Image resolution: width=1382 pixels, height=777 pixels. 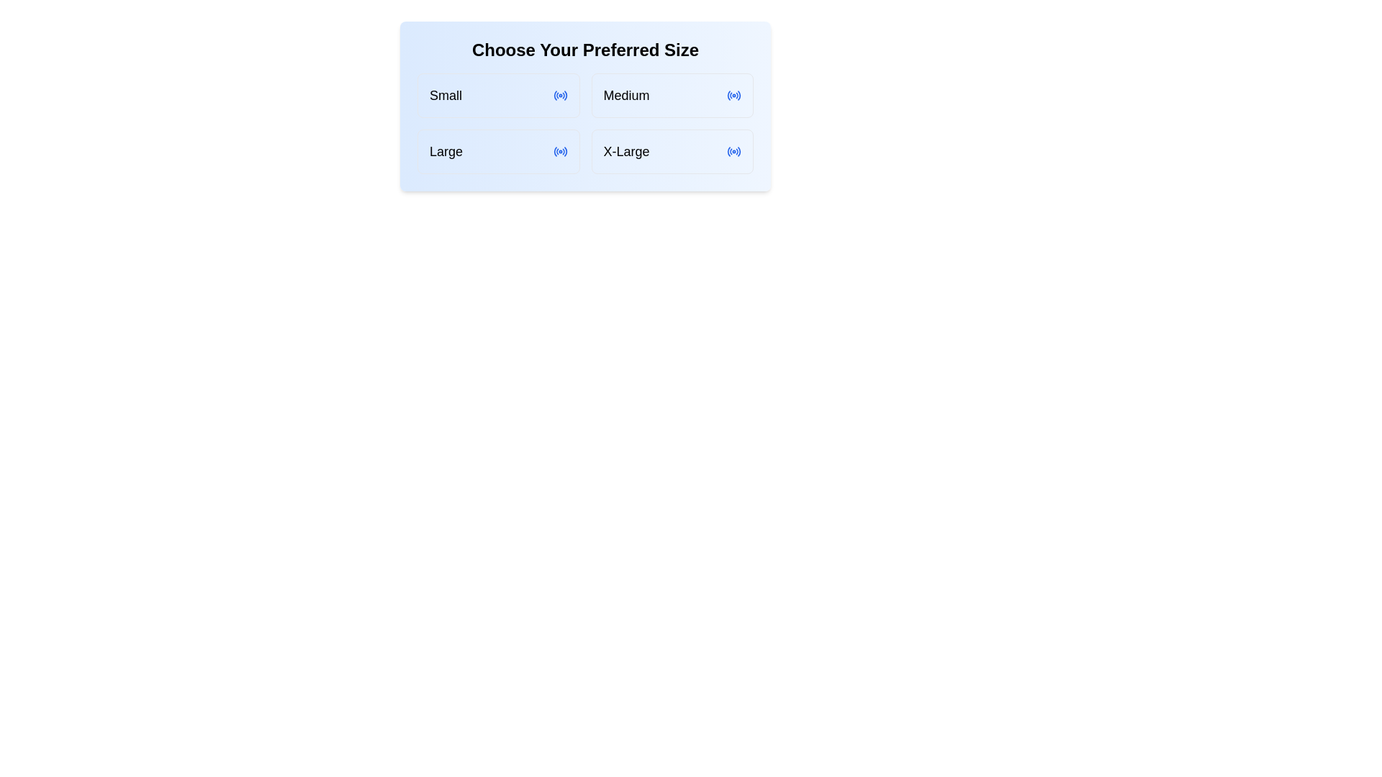 What do you see at coordinates (585, 105) in the screenshot?
I see `the 'Medium' size option button in the grid layout containing selectable sizes` at bounding box center [585, 105].